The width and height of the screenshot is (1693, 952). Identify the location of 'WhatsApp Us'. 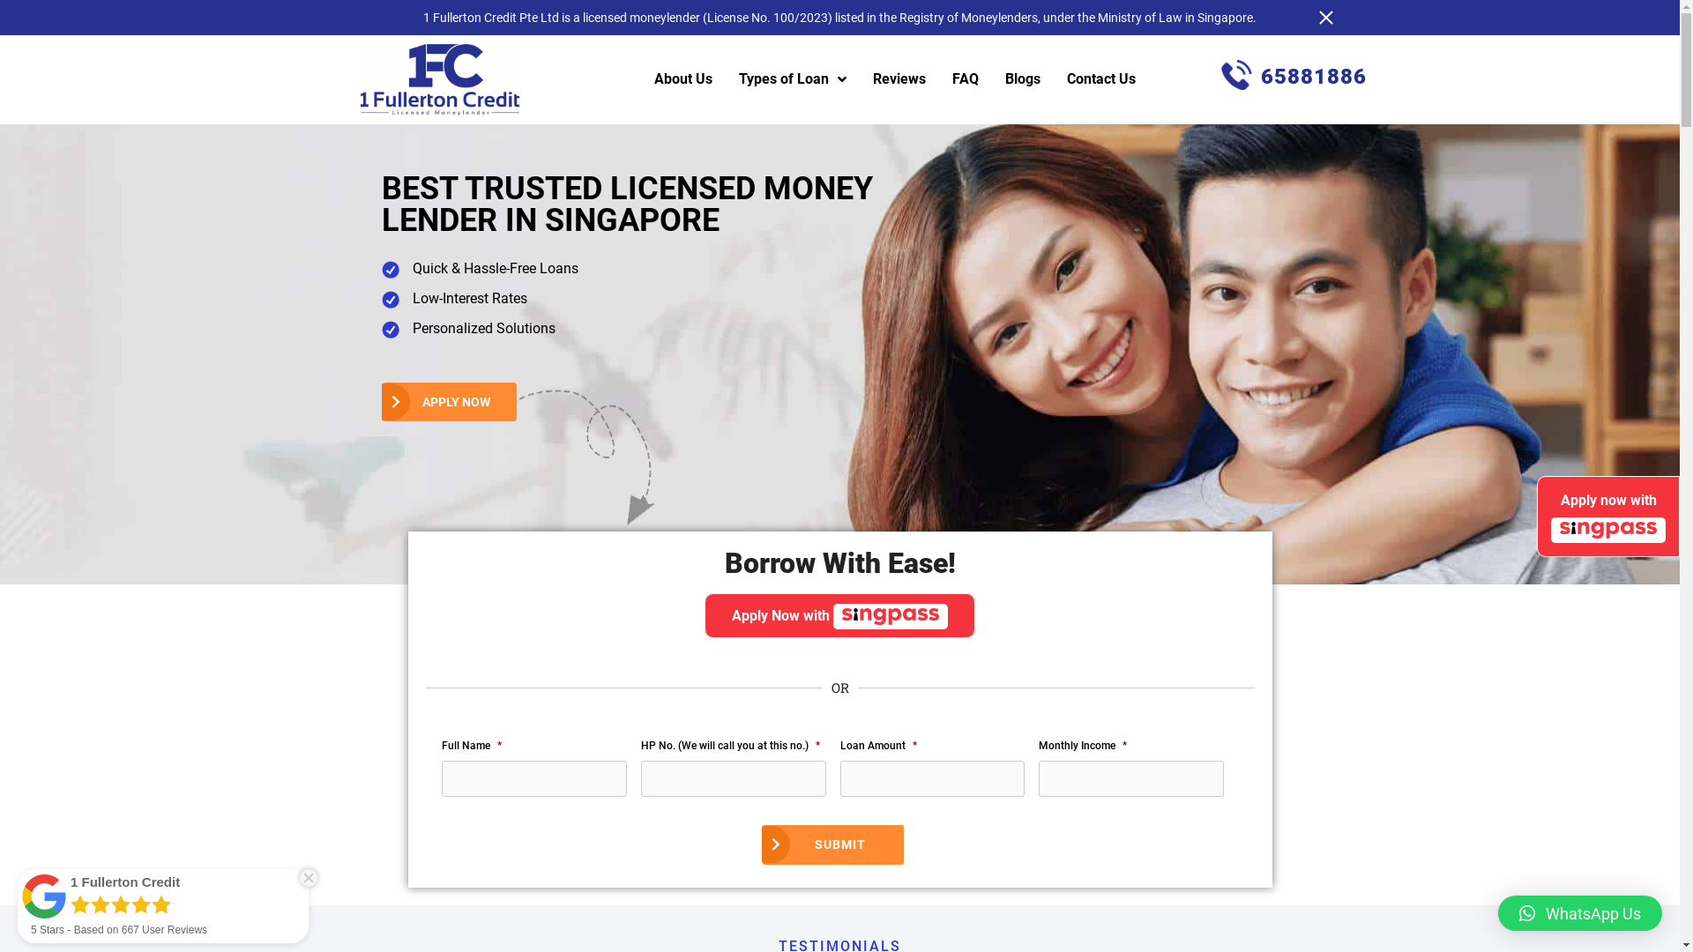
(1579, 912).